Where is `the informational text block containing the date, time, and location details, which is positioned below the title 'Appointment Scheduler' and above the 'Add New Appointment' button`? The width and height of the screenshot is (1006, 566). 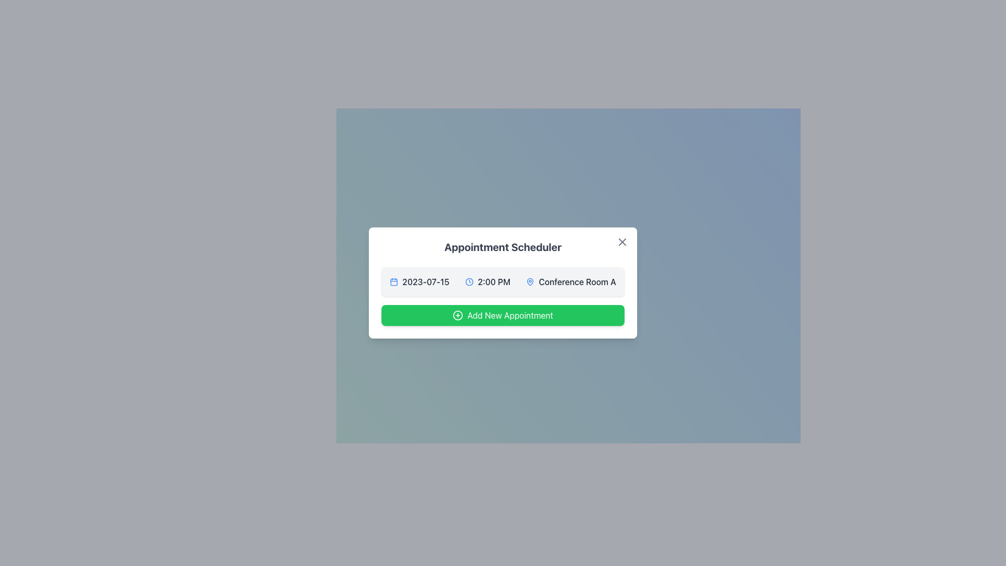 the informational text block containing the date, time, and location details, which is positioned below the title 'Appointment Scheduler' and above the 'Add New Appointment' button is located at coordinates (503, 281).